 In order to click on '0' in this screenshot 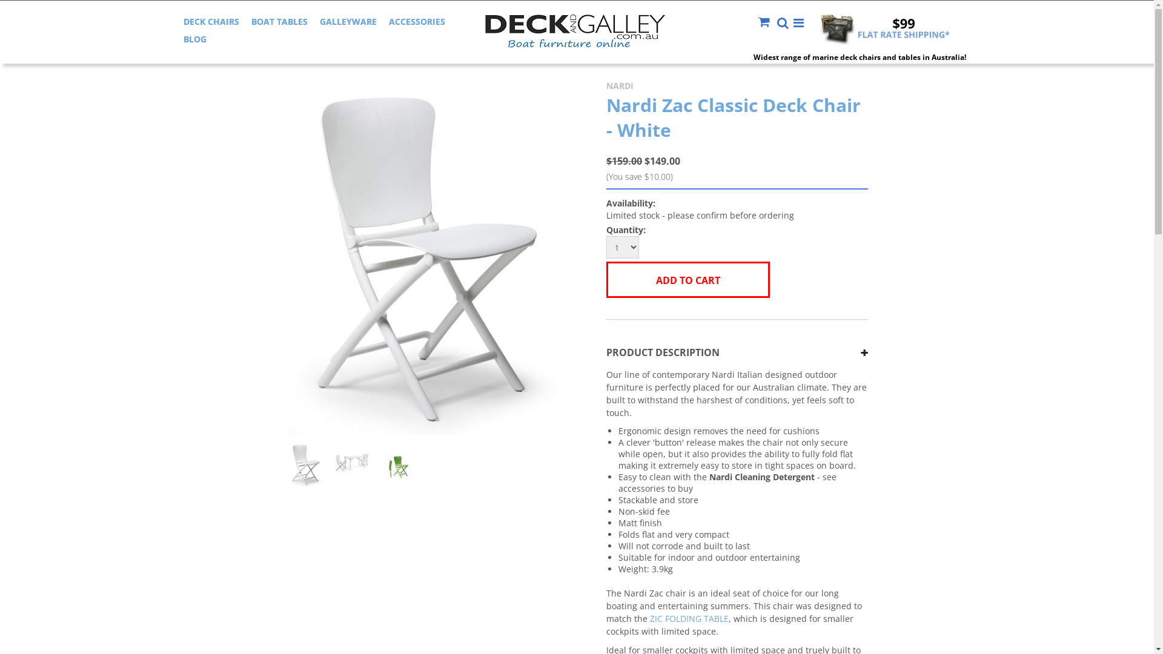, I will do `click(351, 467)`.